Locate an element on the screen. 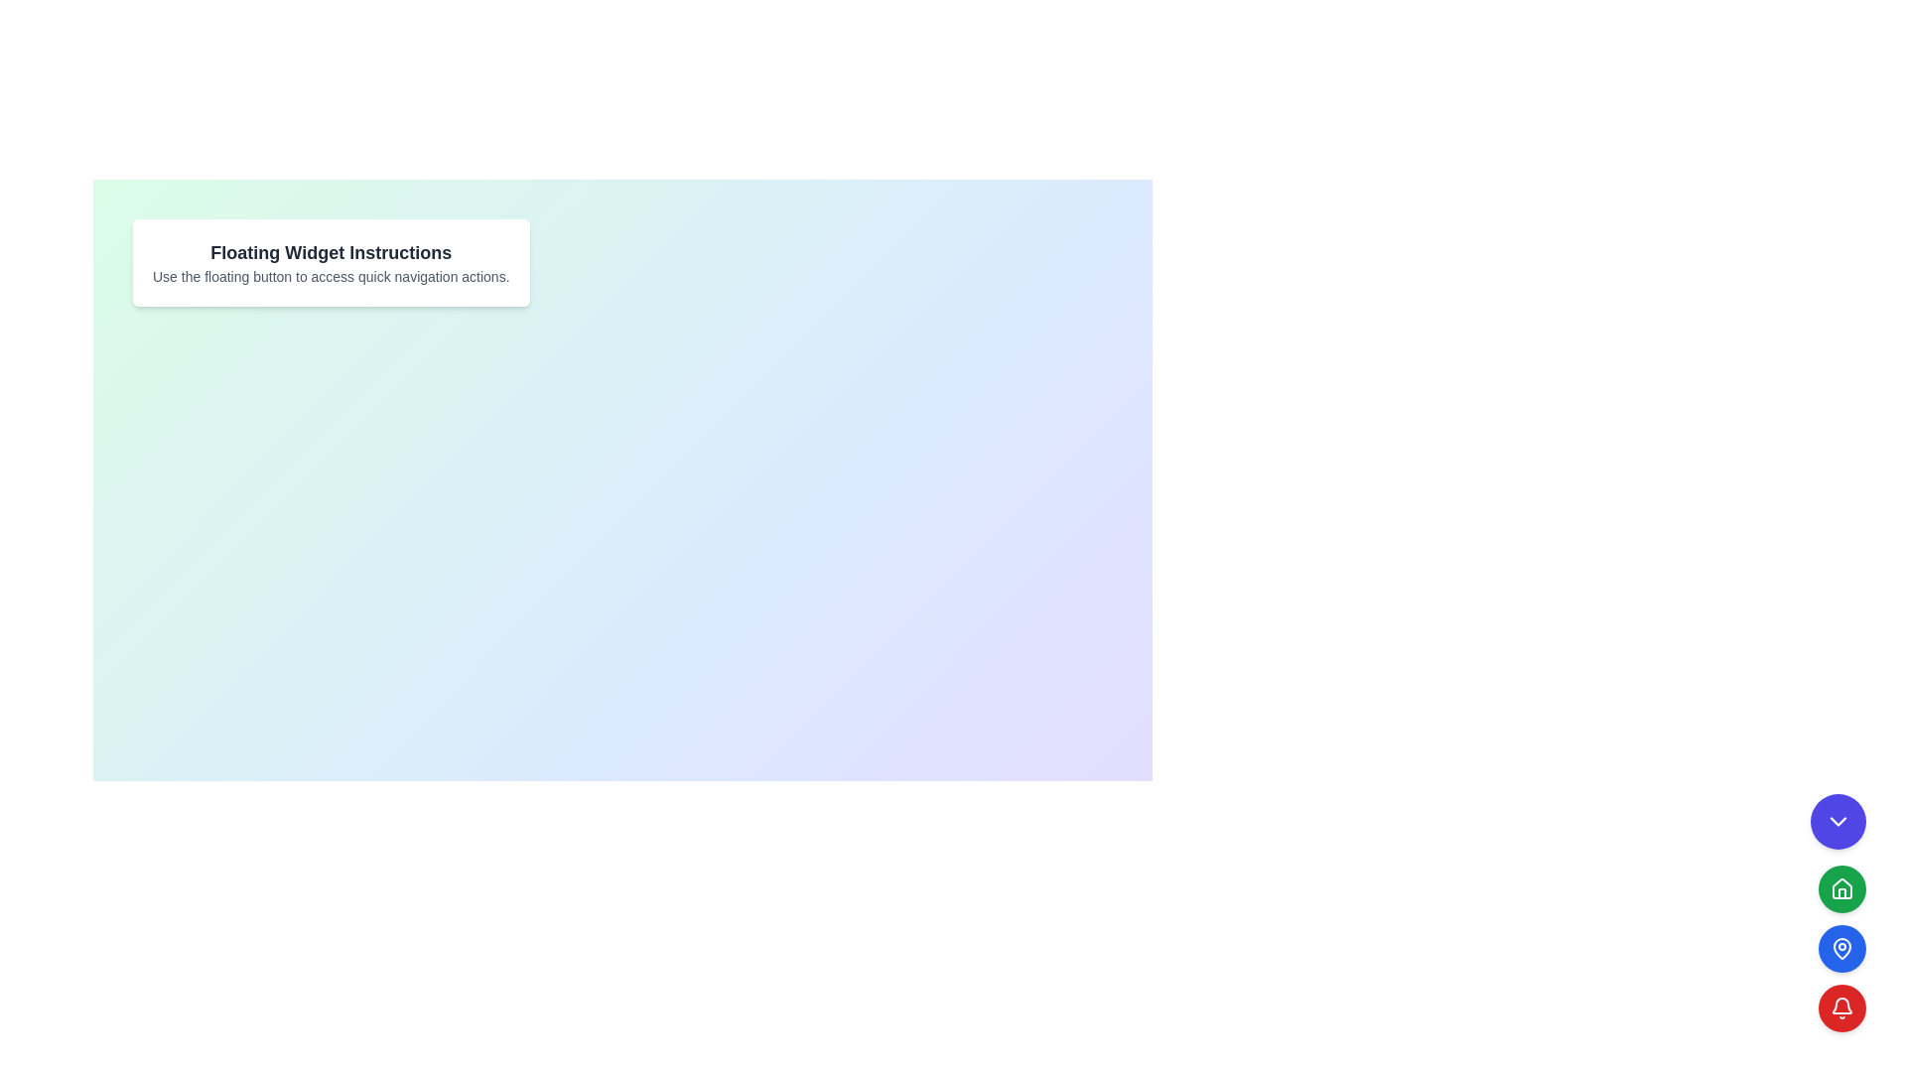 This screenshot has height=1072, width=1906. the 'Home' navigation button located in the vertical stack of buttons on the right side of the interface, positioned below a purple button with a downward arrow icon is located at coordinates (1841, 887).